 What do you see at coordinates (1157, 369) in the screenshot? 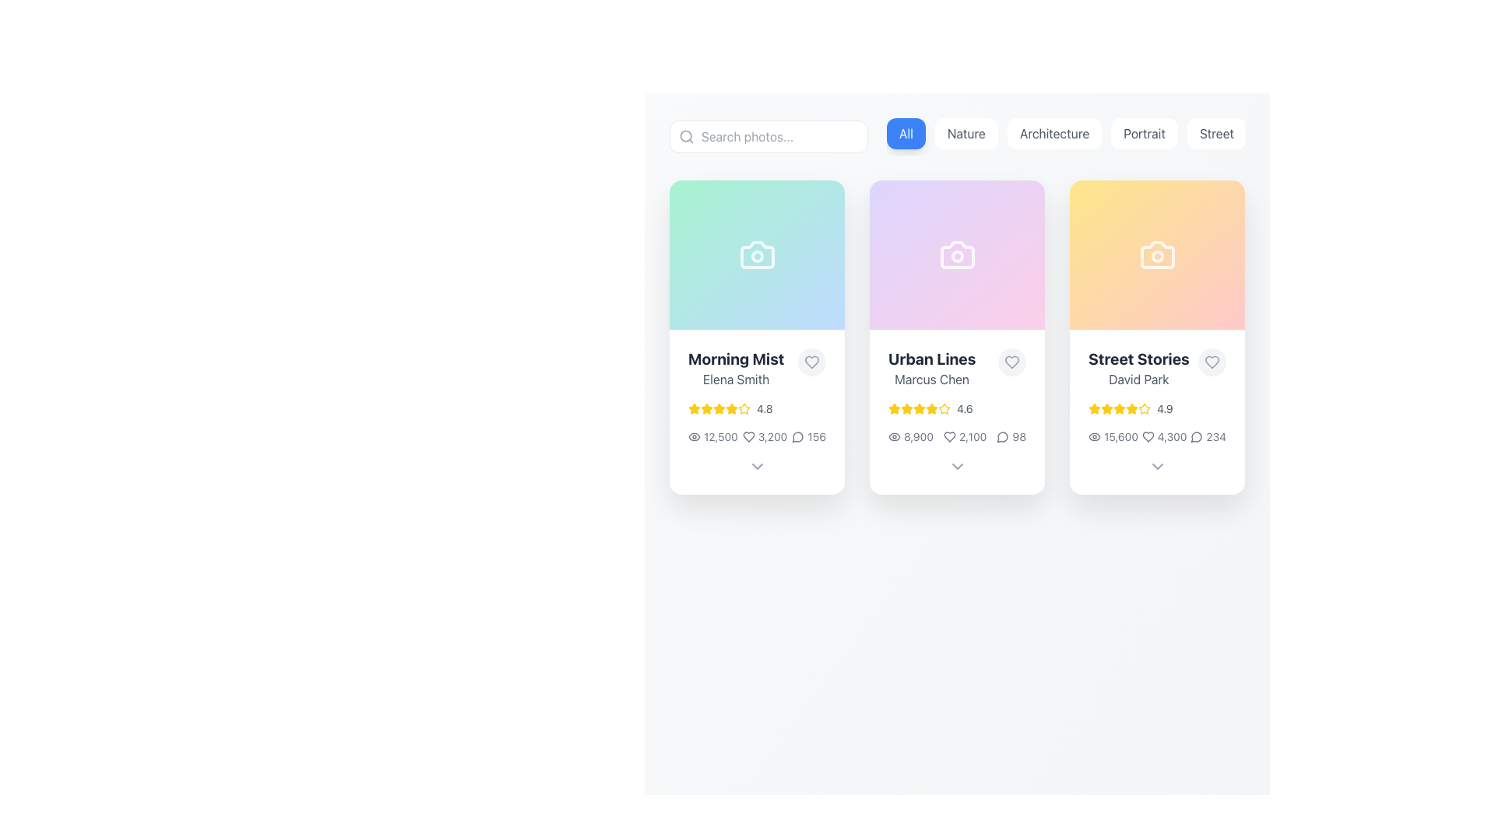
I see `the Text display that shows the title and creator of a photo card entry in the upper portion of the rightmost card in the grid layout, located beneath the image icon and above the rating stars and interaction counts` at bounding box center [1157, 369].